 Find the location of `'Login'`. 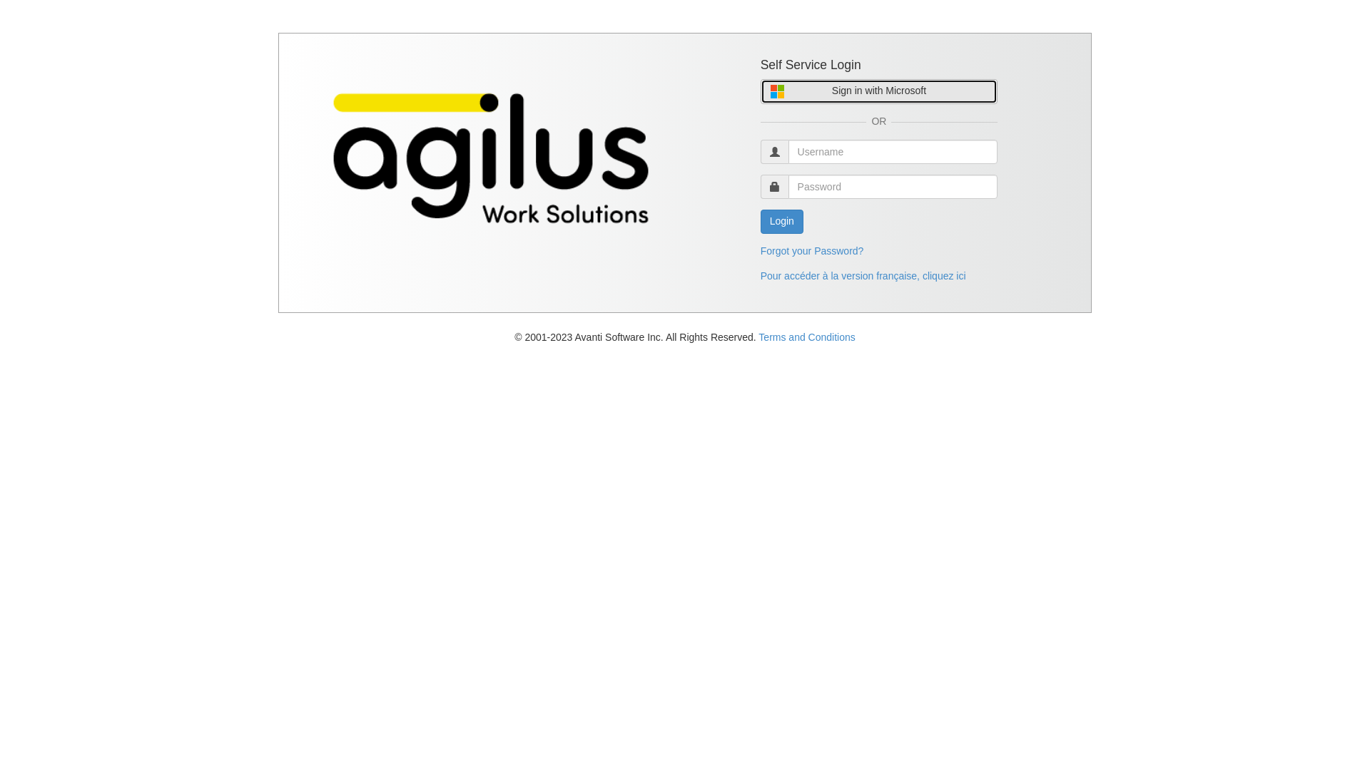

'Login' is located at coordinates (759, 222).